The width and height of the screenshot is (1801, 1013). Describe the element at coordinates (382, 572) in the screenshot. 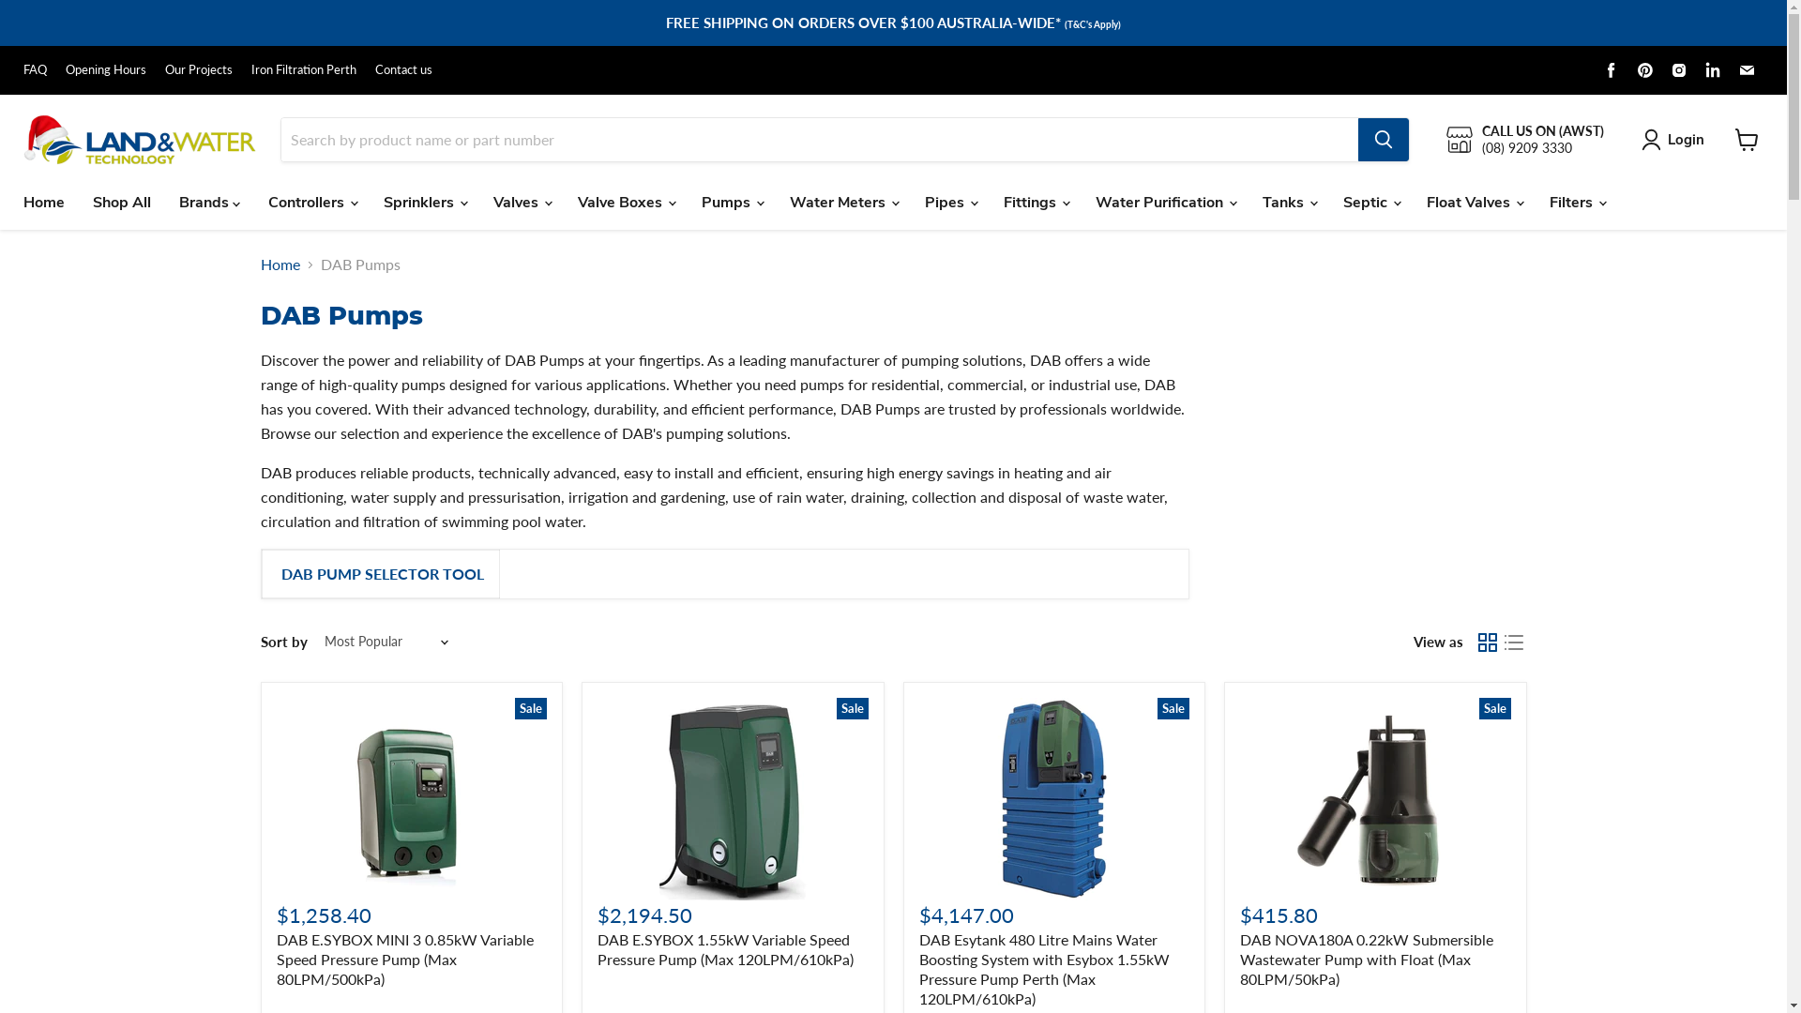

I see `'DAB PUMP SELECTOR TOOL'` at that location.